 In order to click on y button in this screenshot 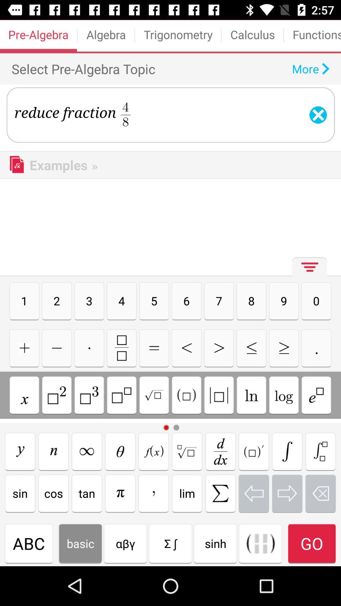, I will do `click(20, 451)`.